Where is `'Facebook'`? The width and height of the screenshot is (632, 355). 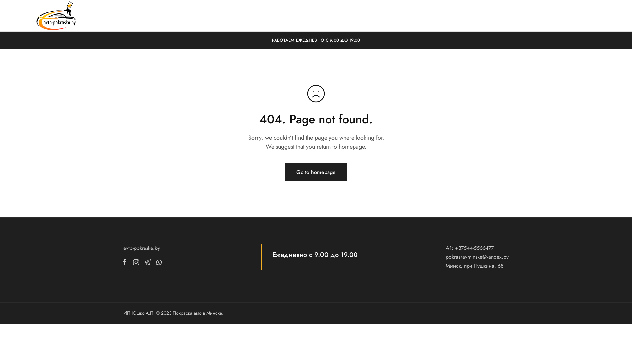
'Facebook' is located at coordinates (126, 263).